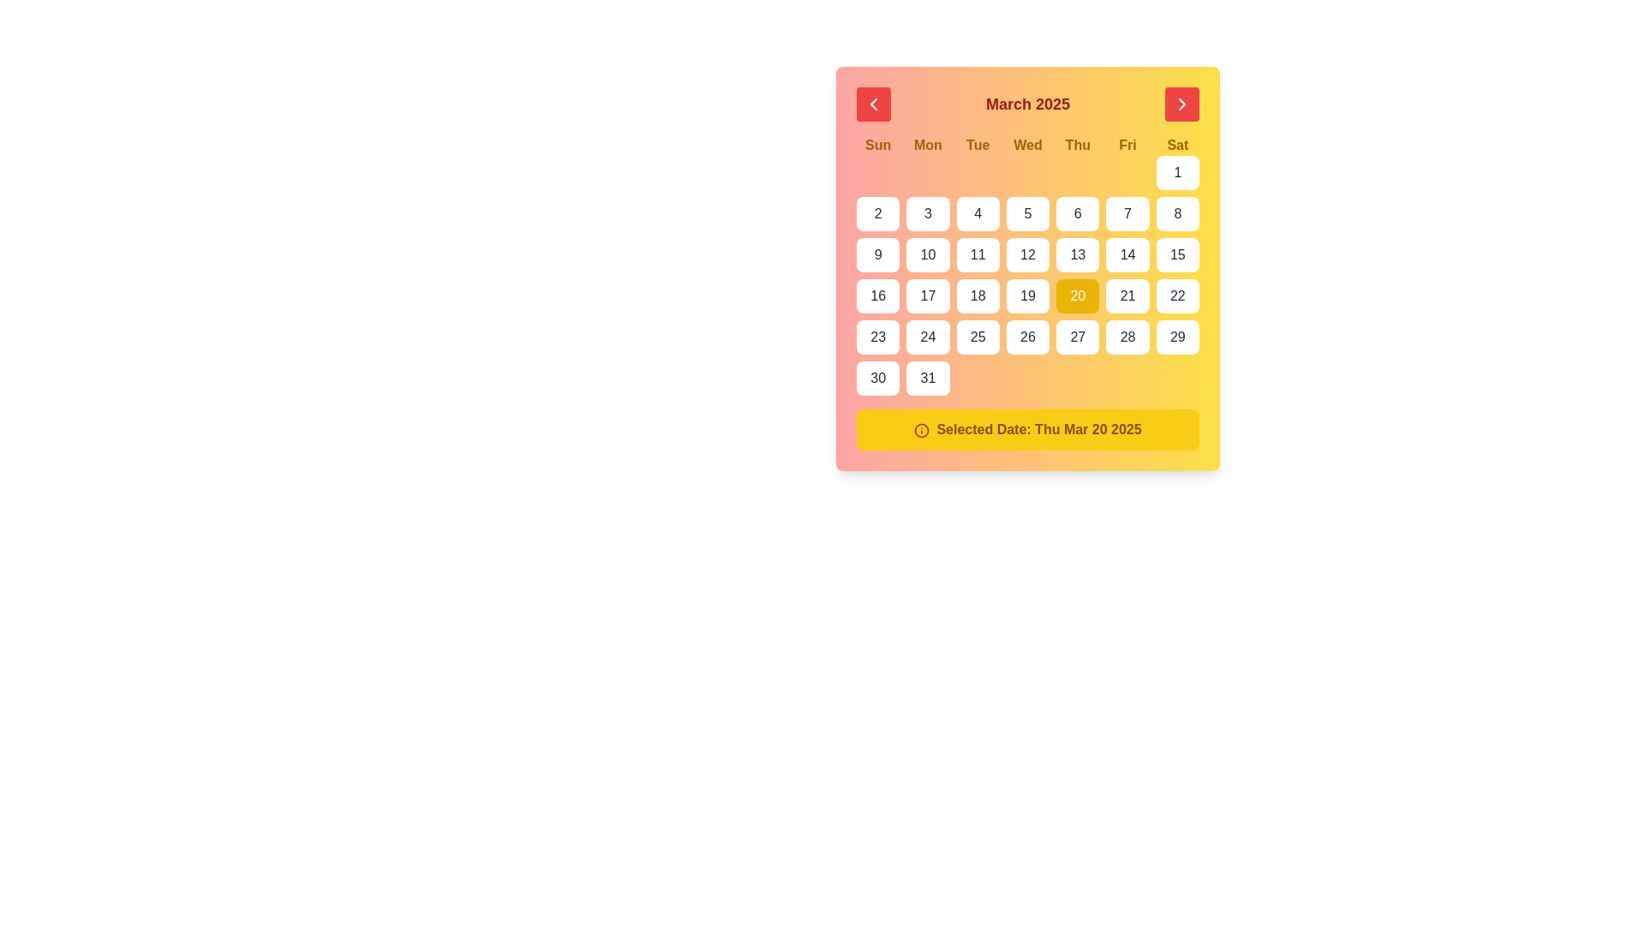  I want to click on the row displaying the weekday names ('Sun', 'Mon', 'Tue', 'Wed', 'Thu', 'Fri', 'Sat') located directly beneath the month header ('March 2025') in the calendar UI by clicking it, so click(1028, 144).